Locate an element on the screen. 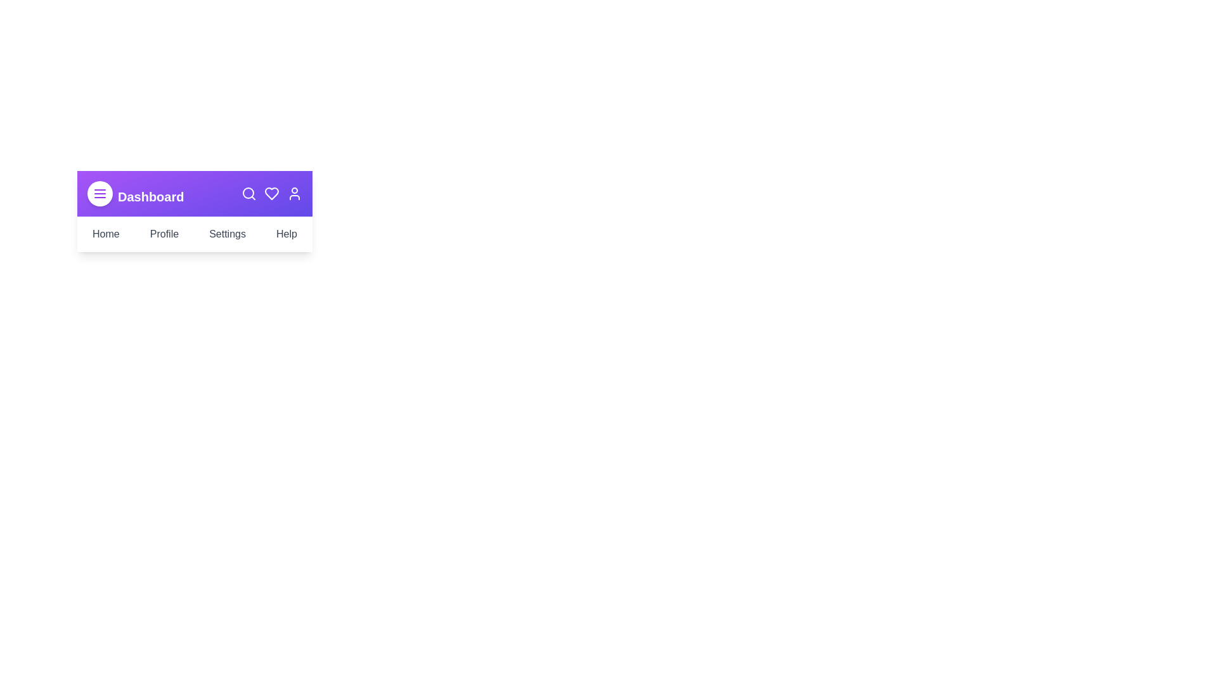 This screenshot has height=684, width=1217. the Help menu item in the navigation menu is located at coordinates (285, 234).